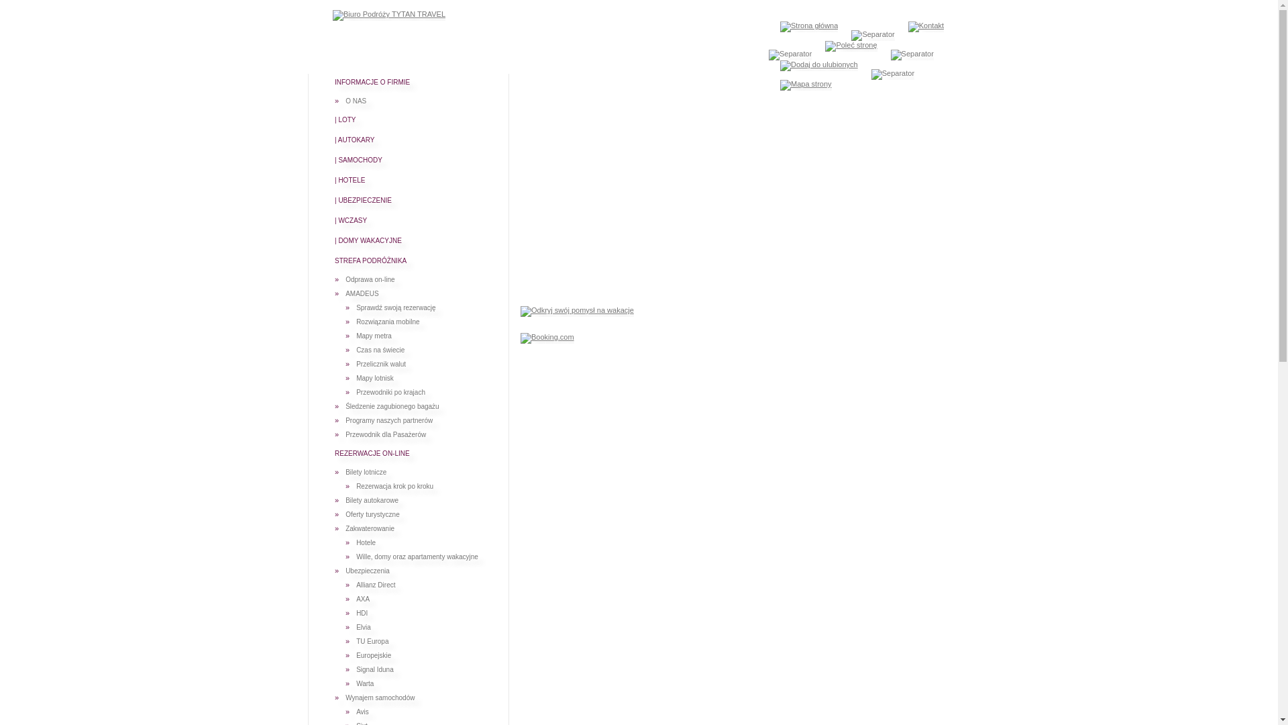 This screenshot has width=1288, height=725. What do you see at coordinates (374, 378) in the screenshot?
I see `'Mapy lotnisk'` at bounding box center [374, 378].